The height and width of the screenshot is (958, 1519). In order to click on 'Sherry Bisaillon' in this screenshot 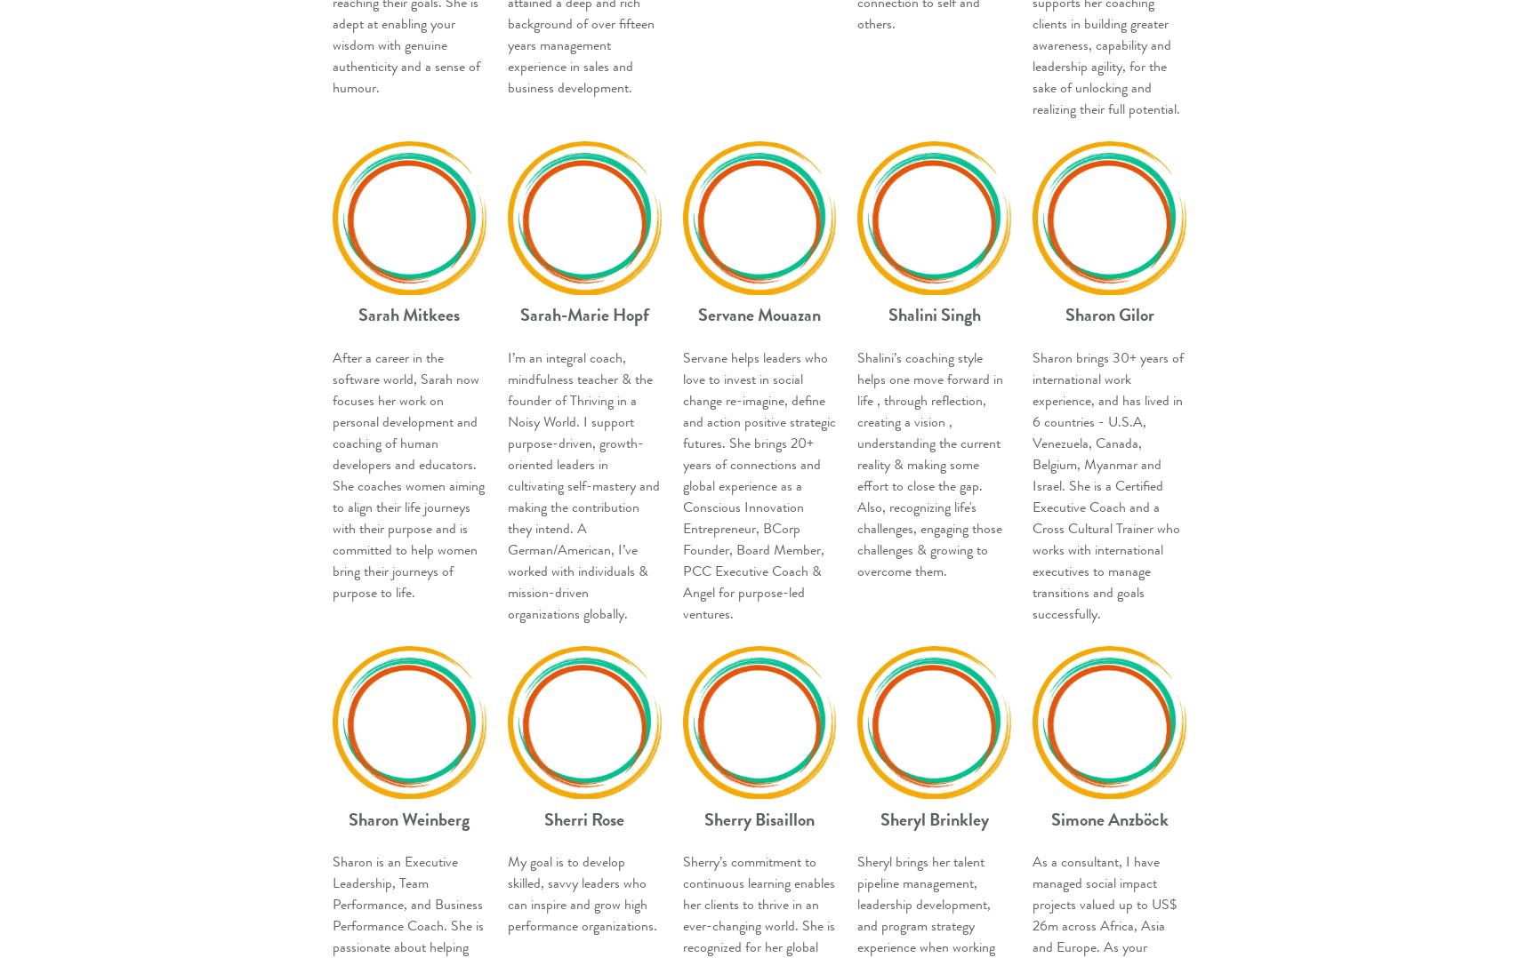, I will do `click(758, 818)`.